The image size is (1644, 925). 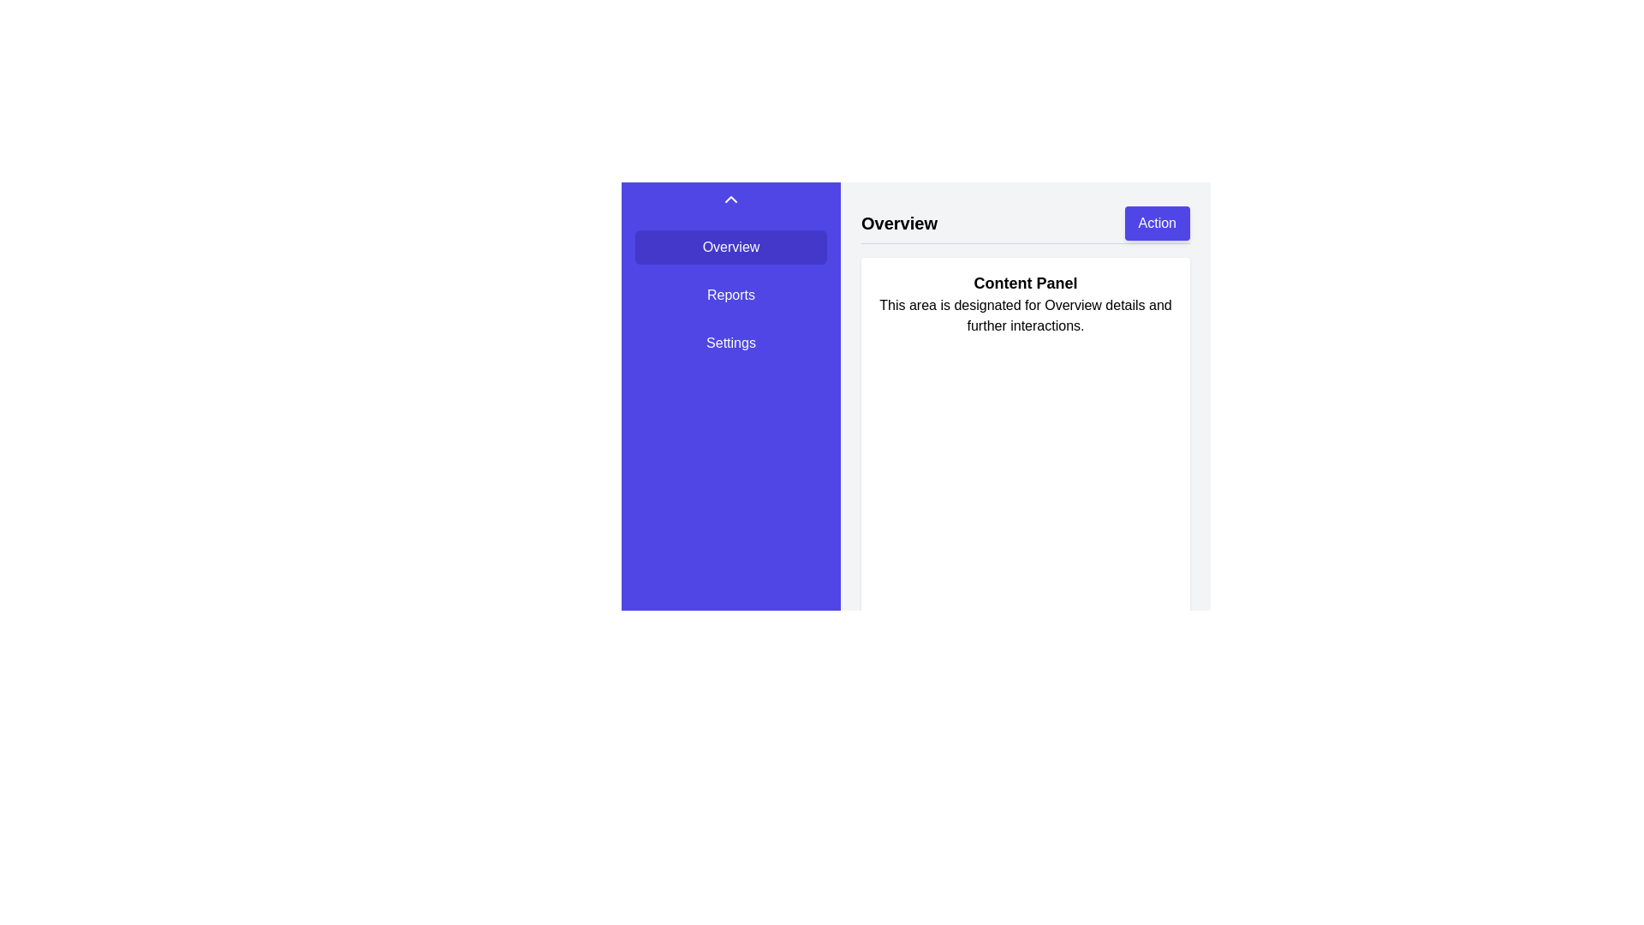 I want to click on the topmost button labeled 'Overview' with a purple background to trigger hover effects, so click(x=731, y=248).